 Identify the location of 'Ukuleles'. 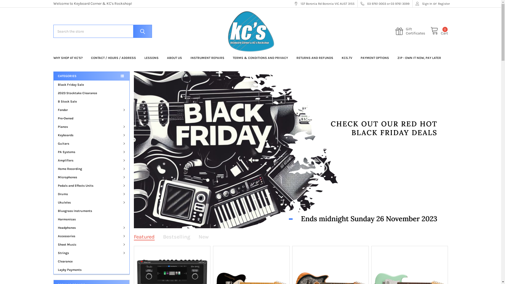
(91, 202).